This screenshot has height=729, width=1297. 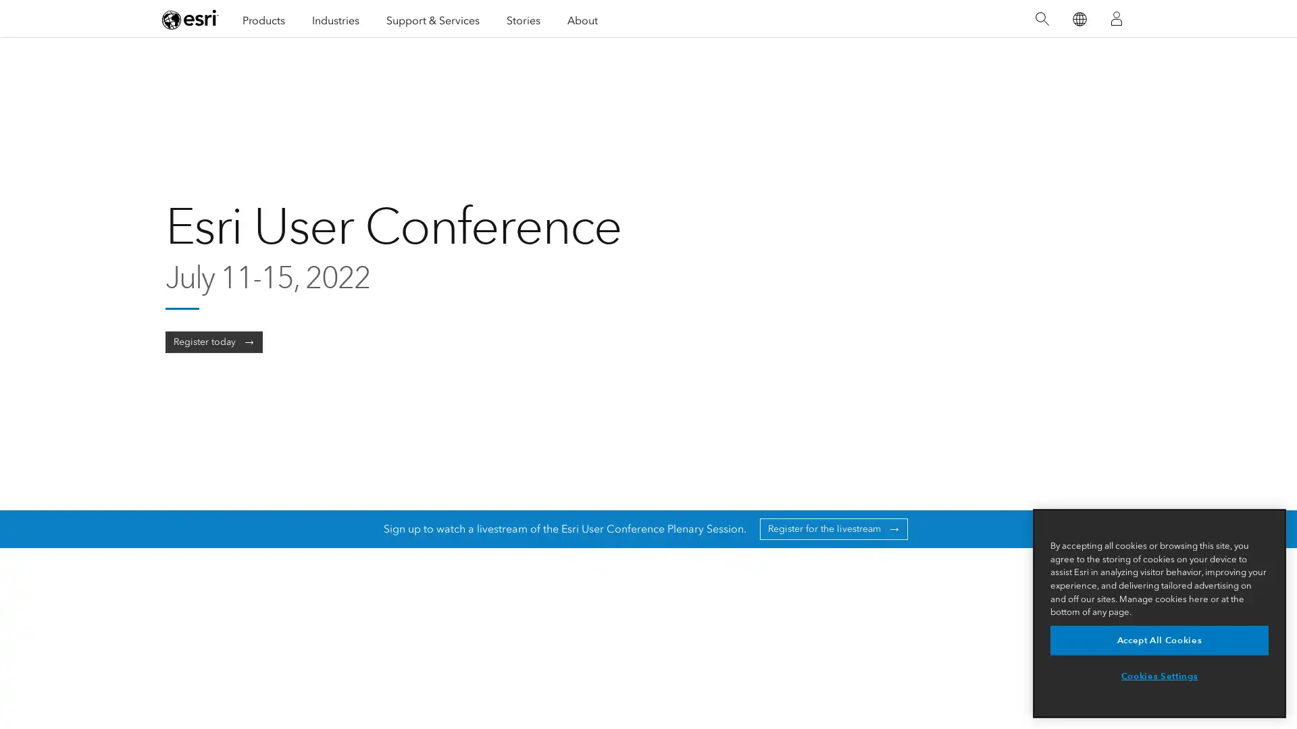 What do you see at coordinates (522, 18) in the screenshot?
I see `Stories` at bounding box center [522, 18].